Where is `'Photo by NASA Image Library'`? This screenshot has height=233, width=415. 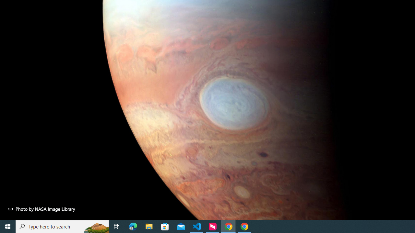
'Photo by NASA Image Library' is located at coordinates (41, 209).